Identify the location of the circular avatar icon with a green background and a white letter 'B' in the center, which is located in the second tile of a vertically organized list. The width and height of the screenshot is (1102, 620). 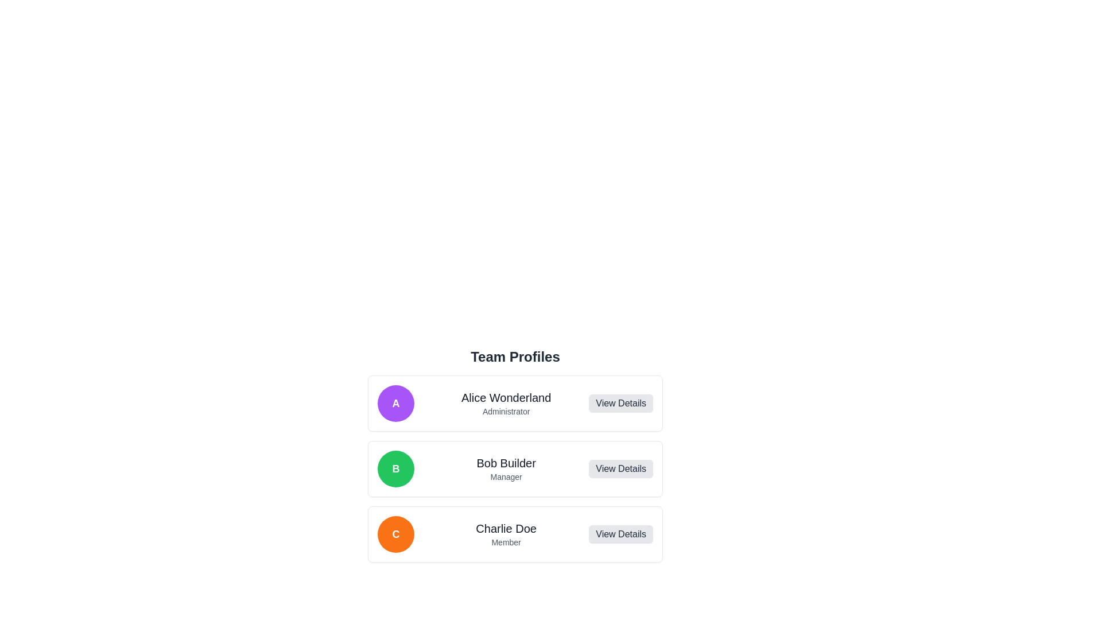
(396, 469).